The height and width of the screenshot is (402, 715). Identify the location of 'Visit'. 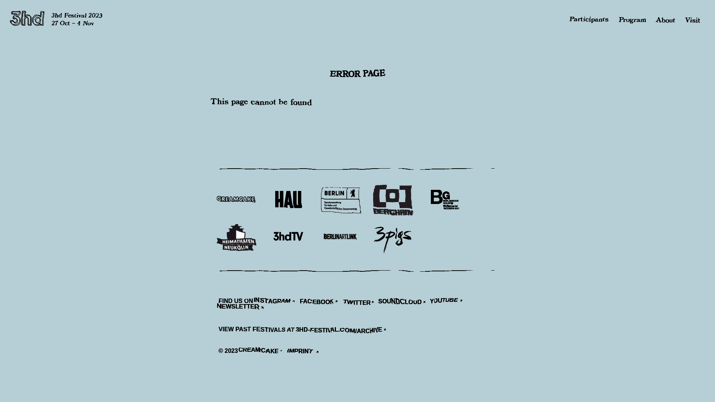
(692, 19).